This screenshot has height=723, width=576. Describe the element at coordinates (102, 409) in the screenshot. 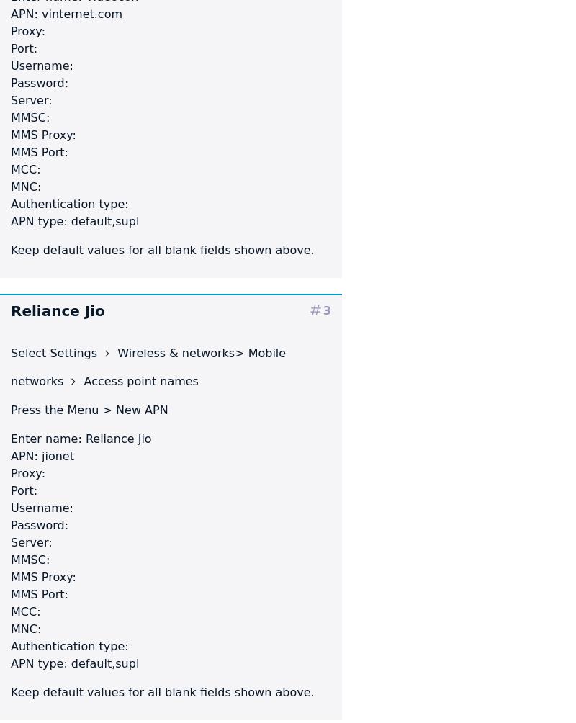

I see `'> New APN'` at that location.